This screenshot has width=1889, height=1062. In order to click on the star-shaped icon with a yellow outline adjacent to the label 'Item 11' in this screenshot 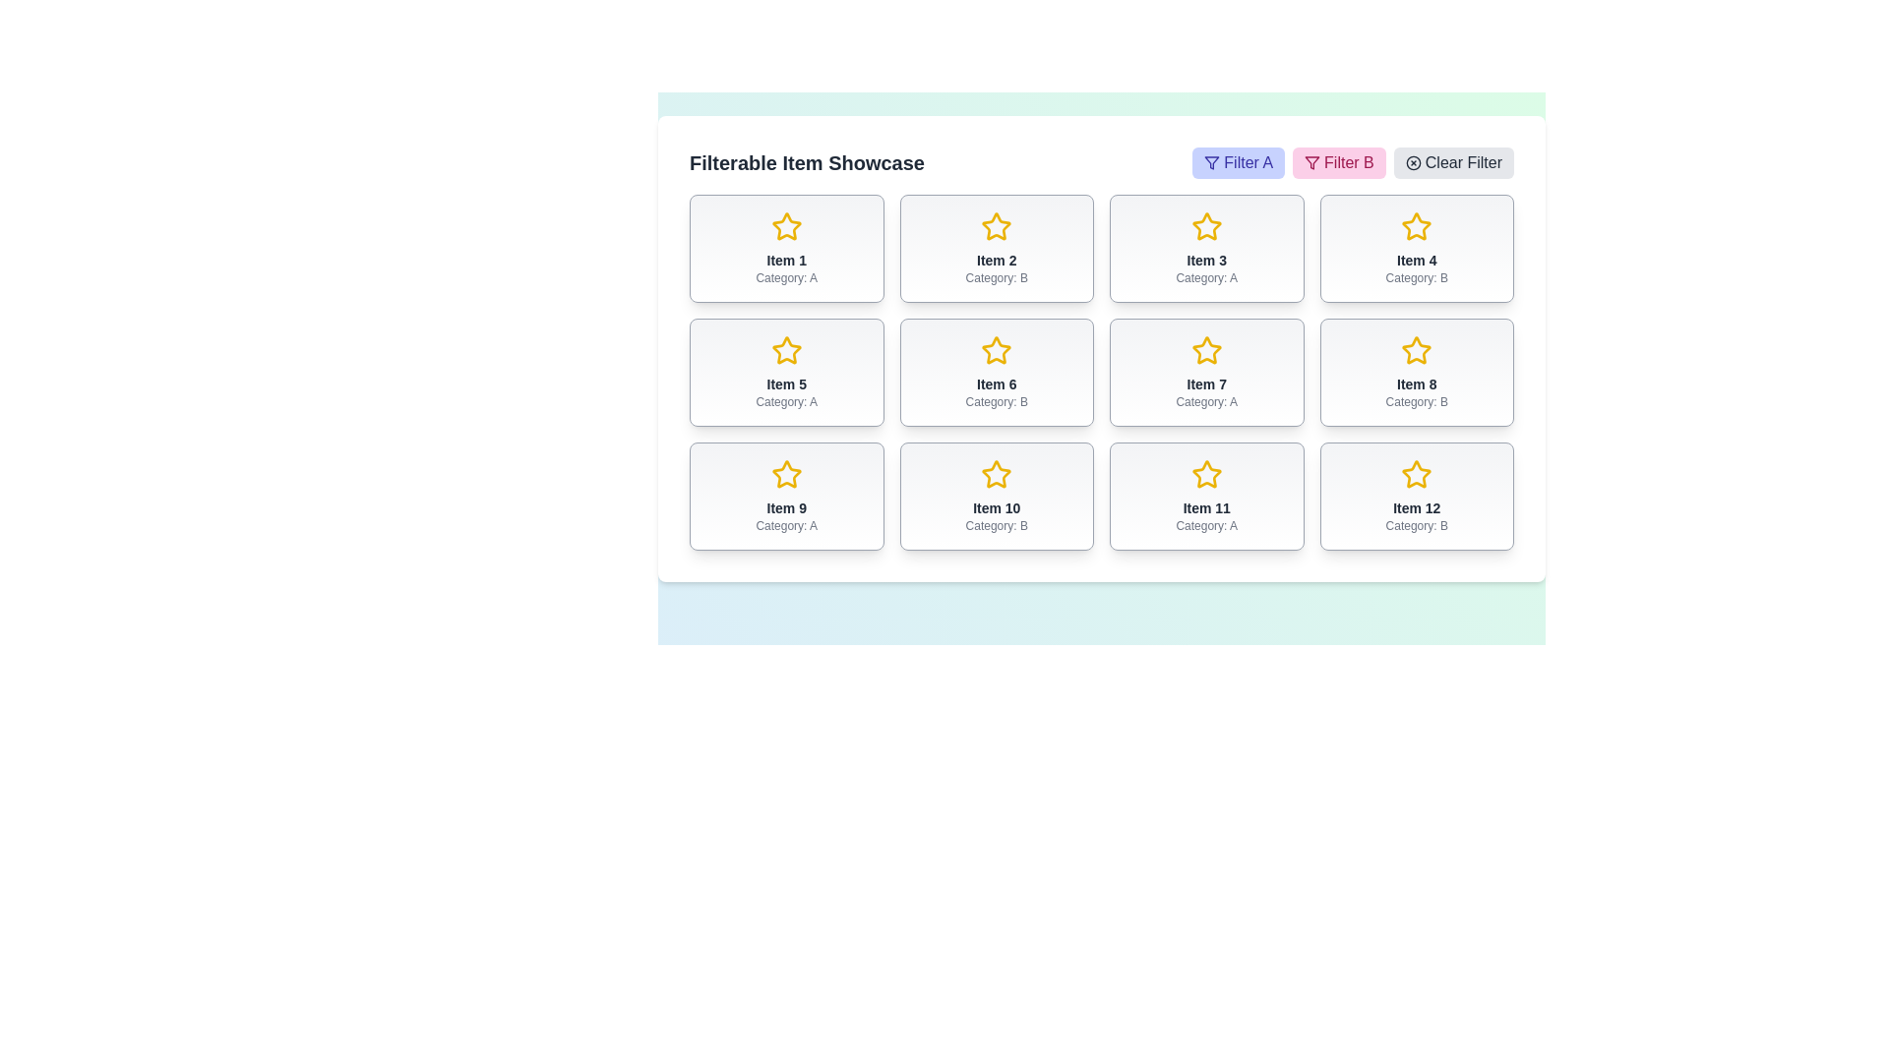, I will do `click(1205, 474)`.